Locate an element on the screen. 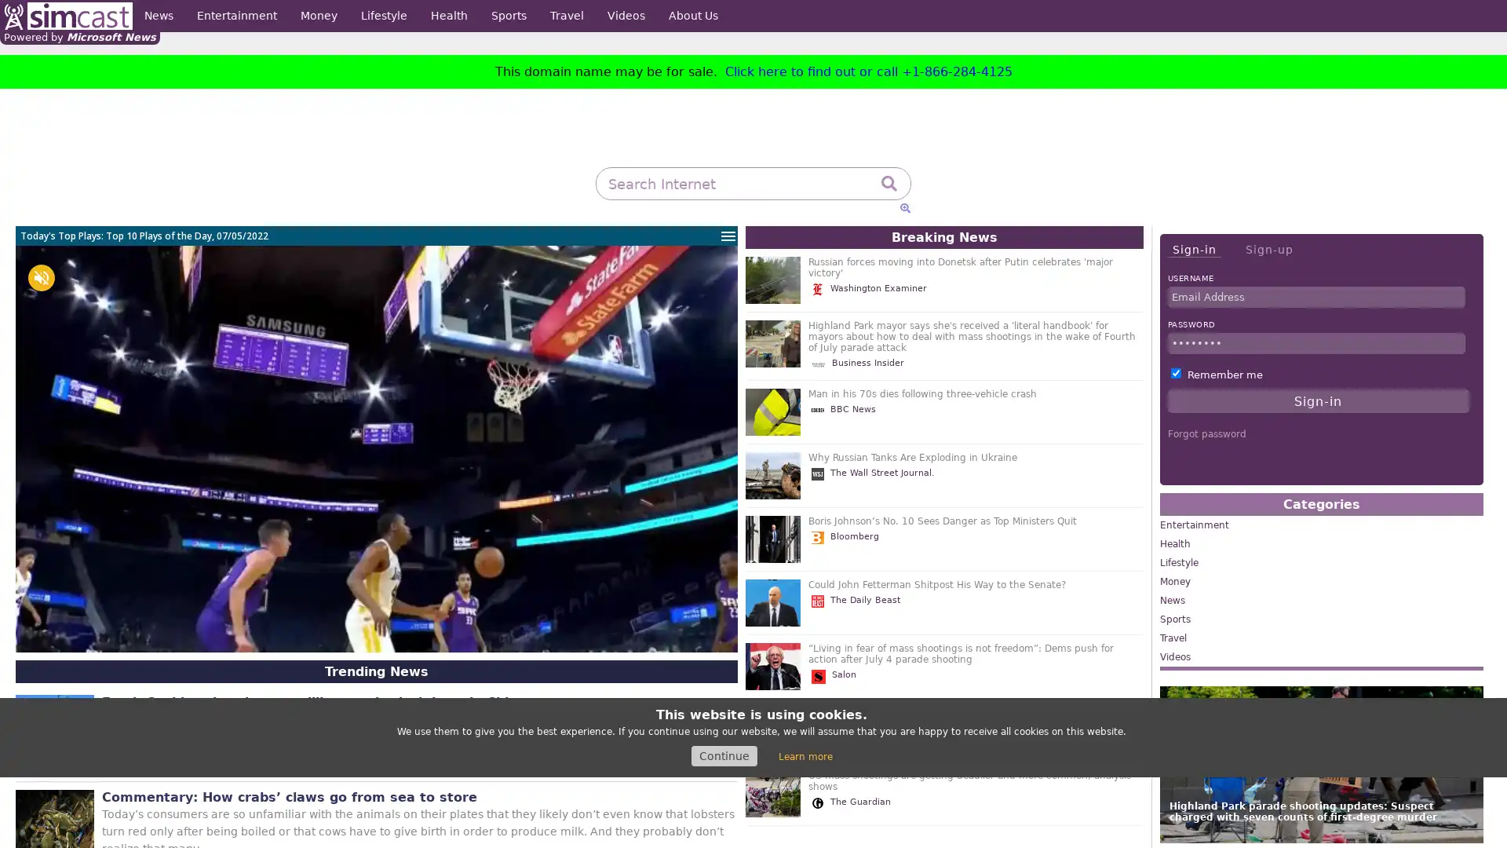  Sign-up is located at coordinates (1268, 248).